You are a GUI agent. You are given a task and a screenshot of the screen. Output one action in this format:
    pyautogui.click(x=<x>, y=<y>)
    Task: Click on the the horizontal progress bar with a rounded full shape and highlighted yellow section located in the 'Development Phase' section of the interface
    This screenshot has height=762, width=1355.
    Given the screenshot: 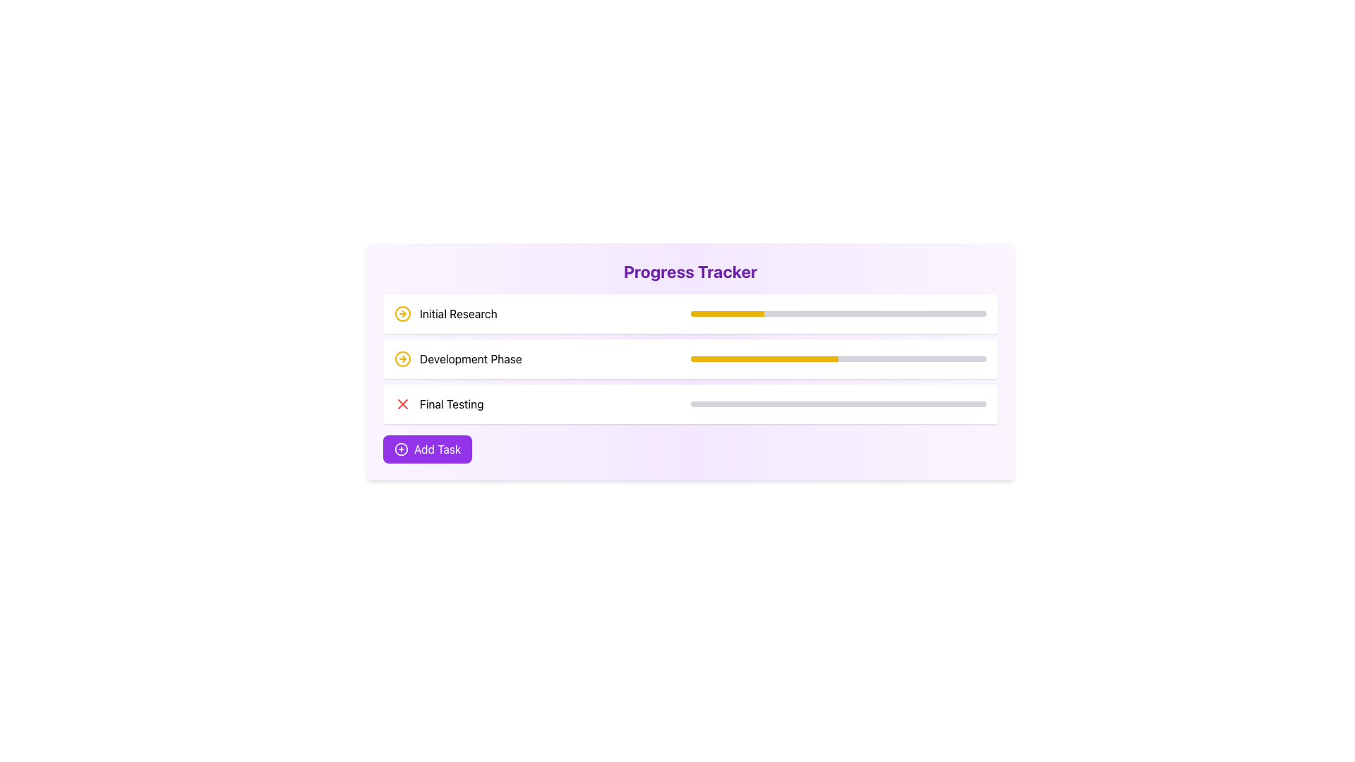 What is the action you would take?
    pyautogui.click(x=838, y=358)
    